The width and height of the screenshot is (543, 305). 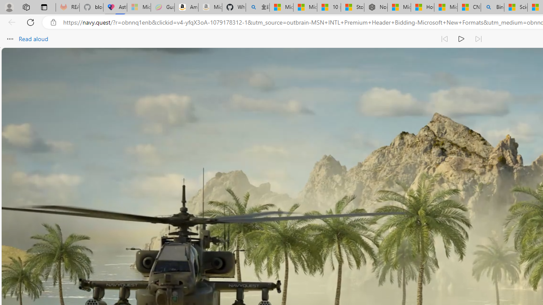 I want to click on 'How I Got Rid of Microsoft Edge', so click(x=422, y=7).